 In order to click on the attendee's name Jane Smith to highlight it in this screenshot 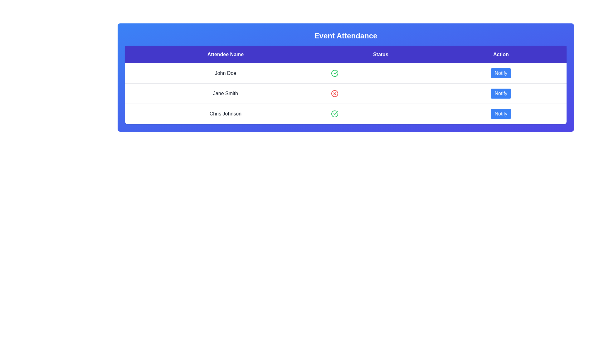, I will do `click(225, 94)`.